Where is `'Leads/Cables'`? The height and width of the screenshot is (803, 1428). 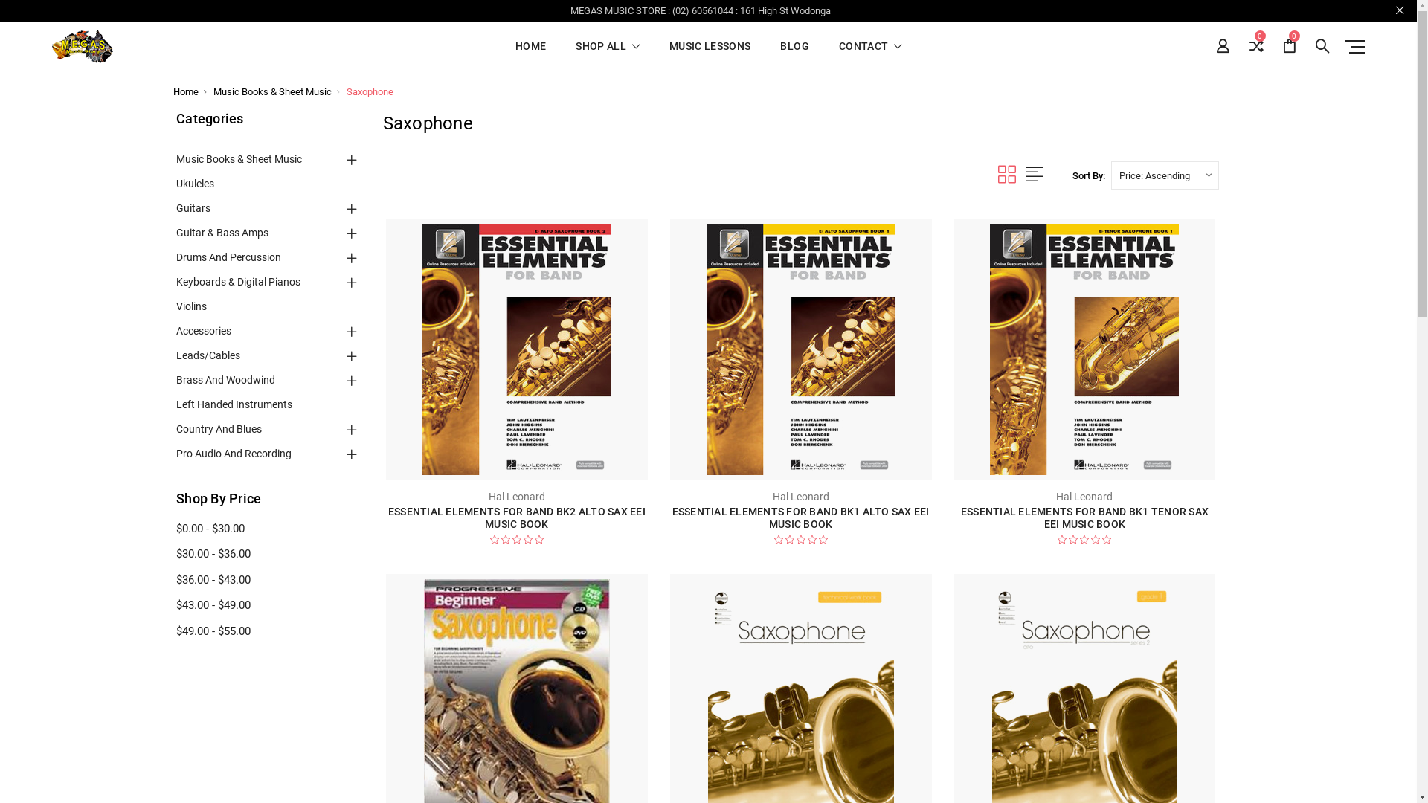 'Leads/Cables' is located at coordinates (207, 355).